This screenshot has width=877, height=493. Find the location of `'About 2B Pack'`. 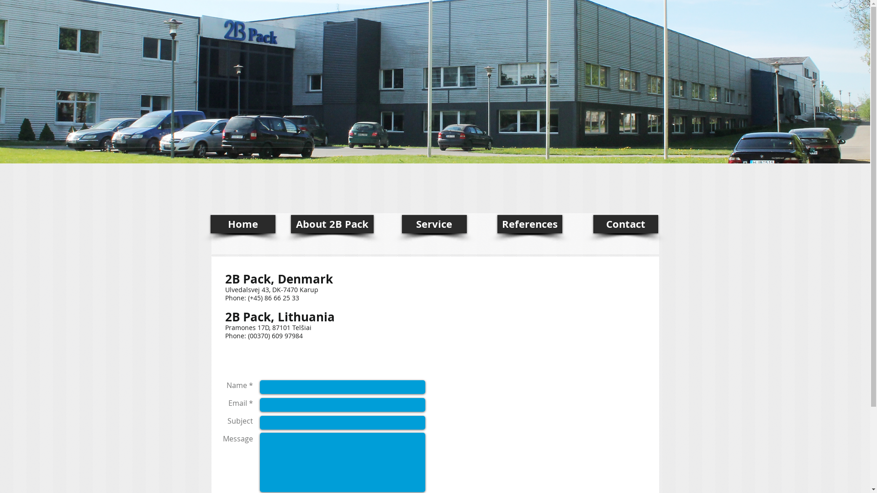

'About 2B Pack' is located at coordinates (331, 224).